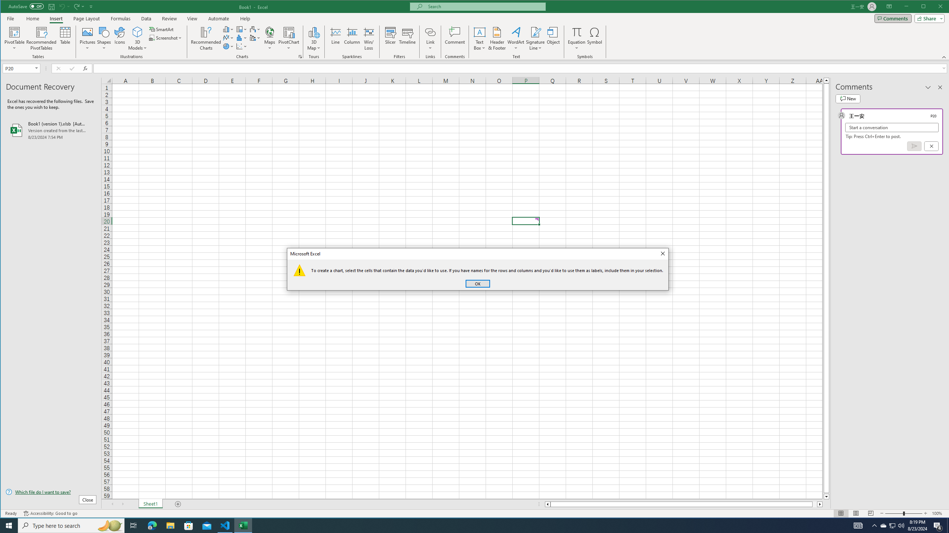 The image size is (949, 533). What do you see at coordinates (228, 29) in the screenshot?
I see `'Insert Column or Bar Chart'` at bounding box center [228, 29].